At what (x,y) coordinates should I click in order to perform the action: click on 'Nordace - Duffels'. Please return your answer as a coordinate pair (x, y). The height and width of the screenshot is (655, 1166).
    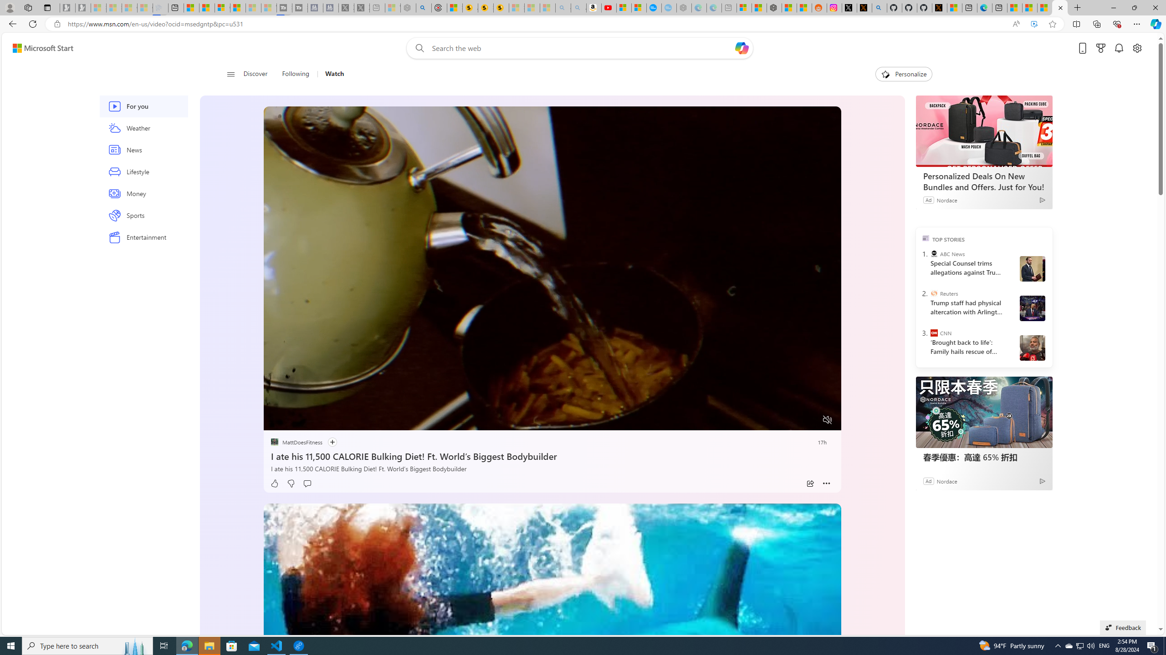
    Looking at the image, I should click on (774, 7).